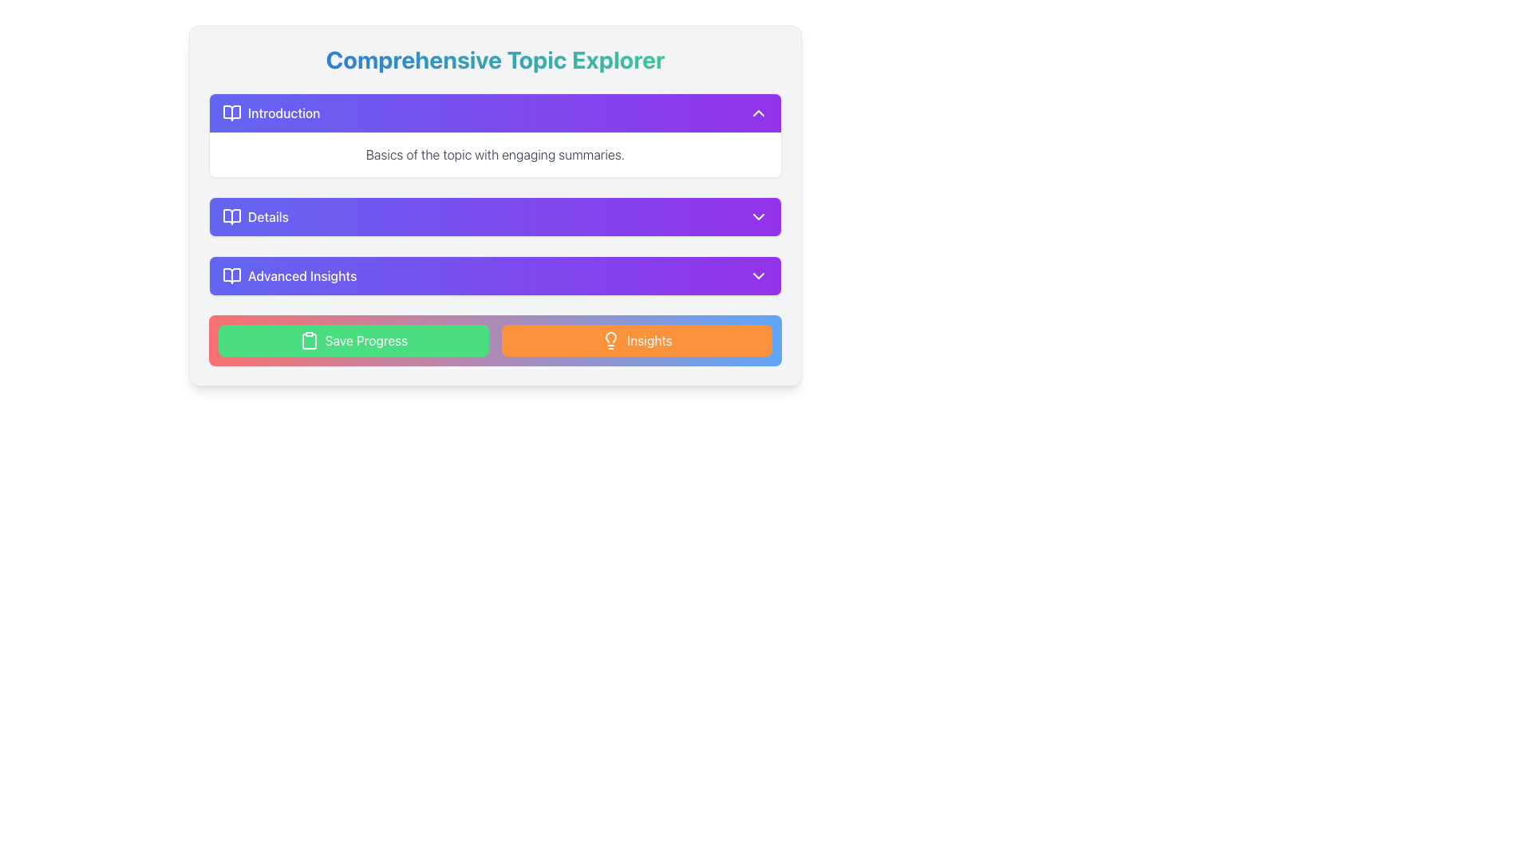  What do you see at coordinates (231, 113) in the screenshot?
I see `the book icon that serves as a visual identifier for the 'Introduction' section, located at the top of the collapsible sections list` at bounding box center [231, 113].